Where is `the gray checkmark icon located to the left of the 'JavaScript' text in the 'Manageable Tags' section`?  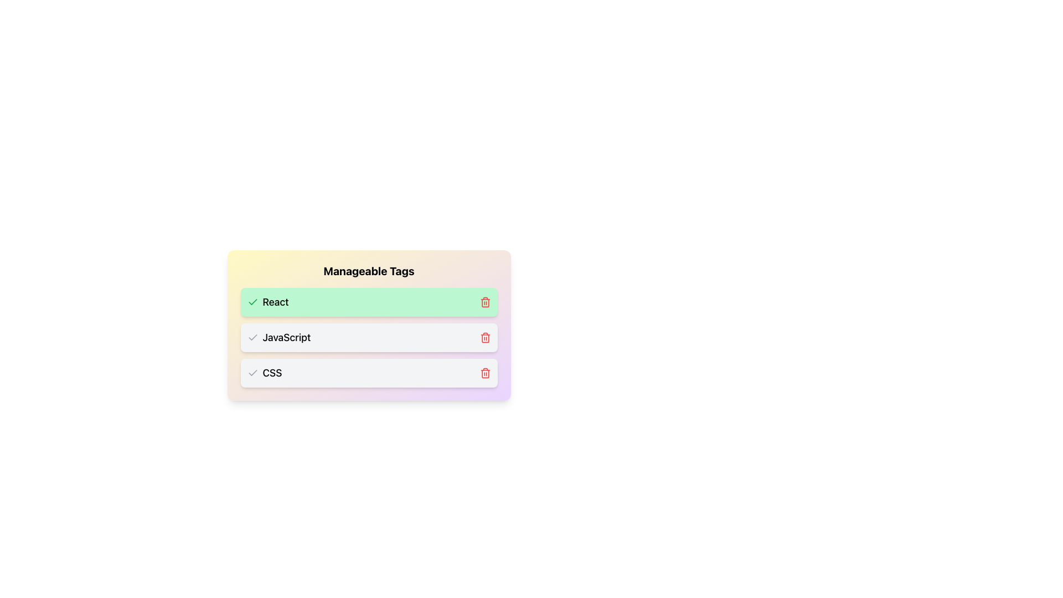 the gray checkmark icon located to the left of the 'JavaScript' text in the 'Manageable Tags' section is located at coordinates (252, 337).